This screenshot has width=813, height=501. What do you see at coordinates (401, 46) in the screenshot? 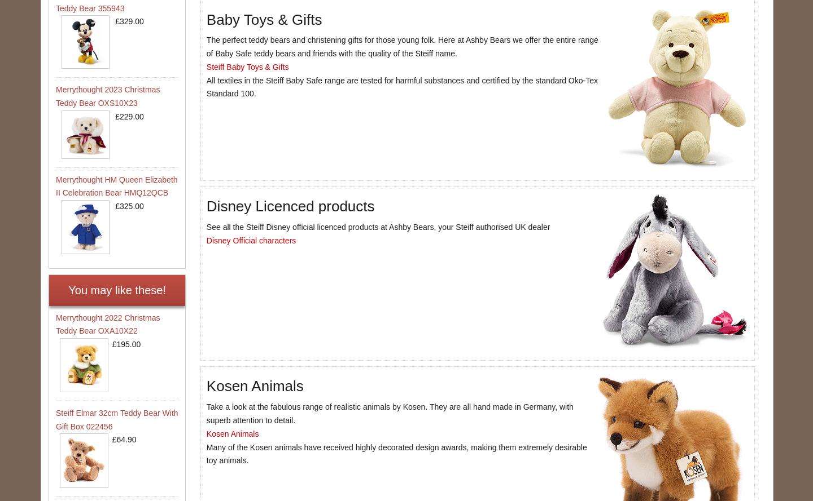
I see `'The perfect teddy bears and christening gifts for those young folk. Here at Ashby Bears we offer the entire range of Baby Safe teddy bears and friends with the quality of the Steiff name.'` at bounding box center [401, 46].